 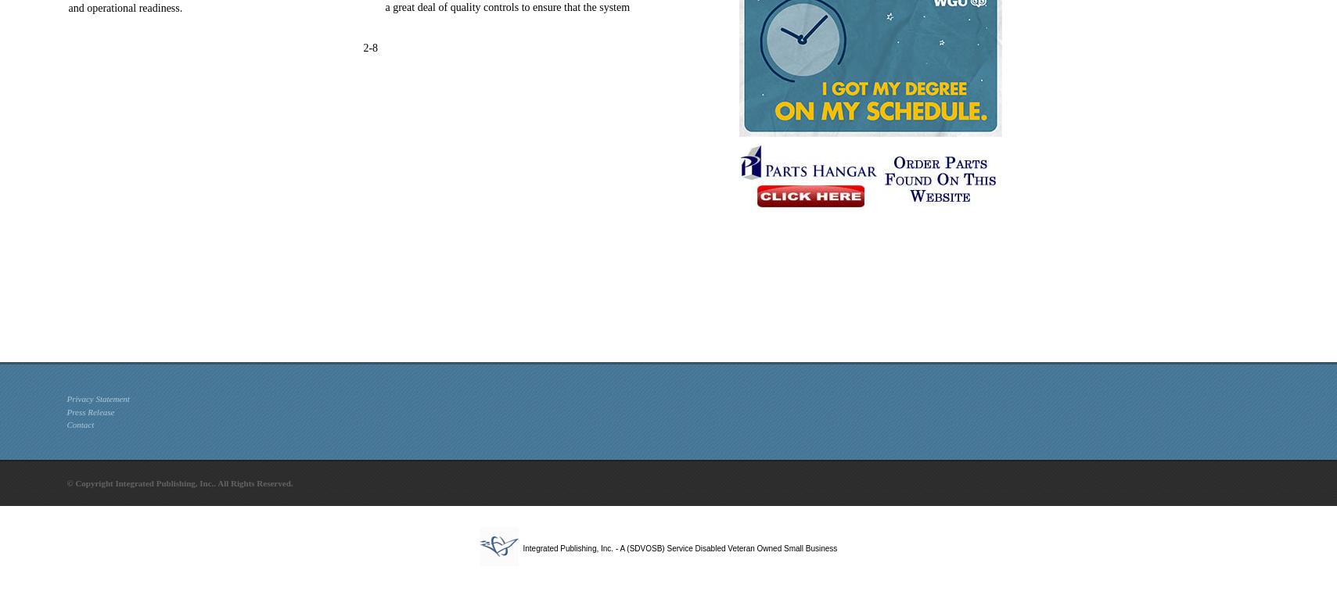 I want to click on 'Contact', so click(x=79, y=424).